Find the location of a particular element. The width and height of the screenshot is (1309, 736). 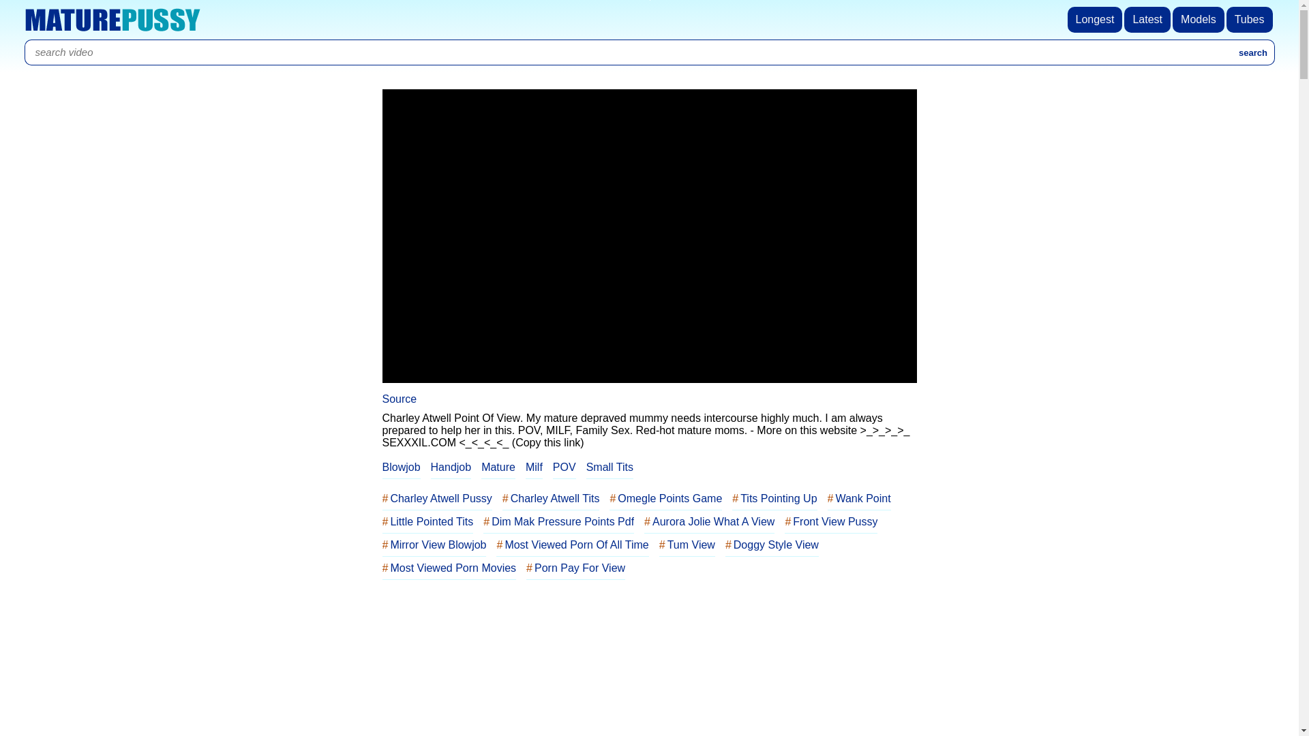

'Little Pointed Tits' is located at coordinates (427, 521).